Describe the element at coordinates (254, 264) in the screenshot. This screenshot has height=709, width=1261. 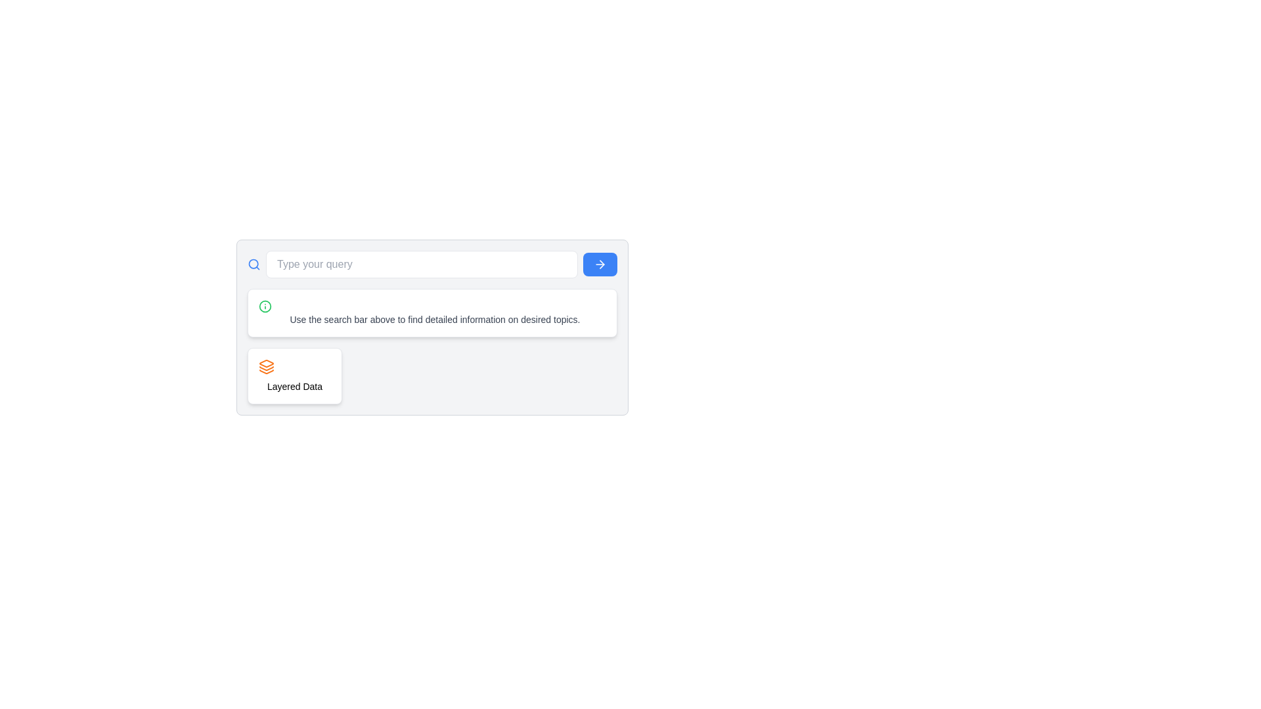
I see `the blue magnifying glass SVG icon located to the left of the text input field` at that location.